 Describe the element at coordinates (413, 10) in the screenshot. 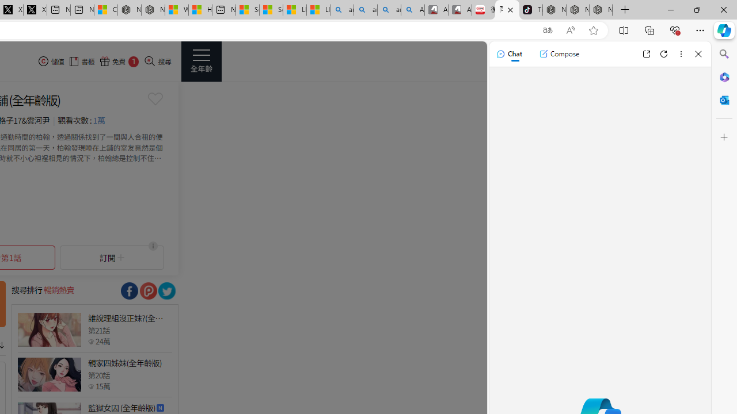

I see `'Amazon Echo Robot - Search Images'` at that location.